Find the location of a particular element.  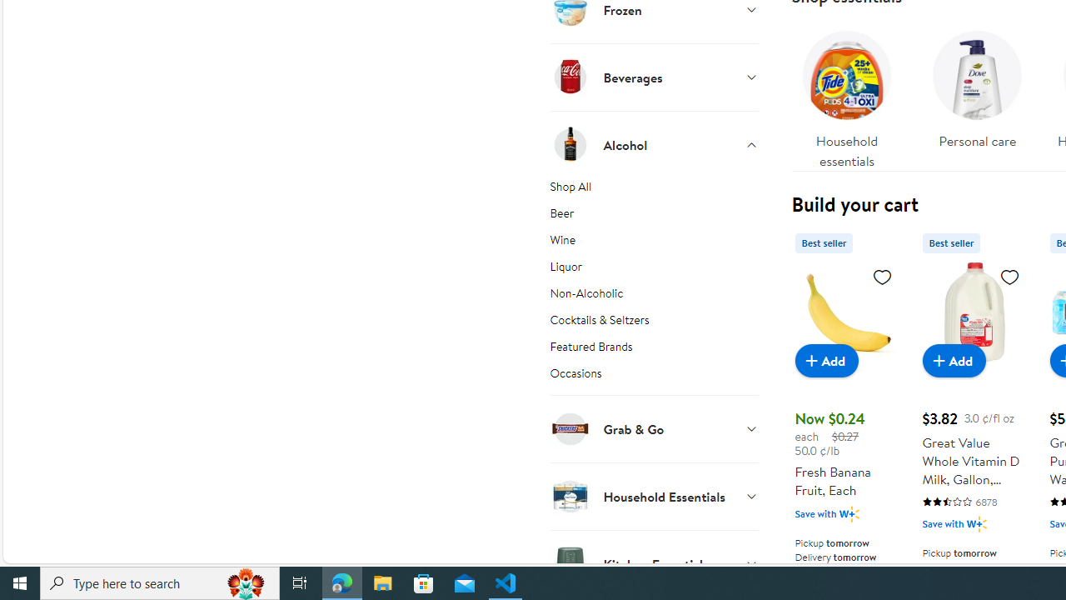

'Non-Alcoholic' is located at coordinates (653, 296).